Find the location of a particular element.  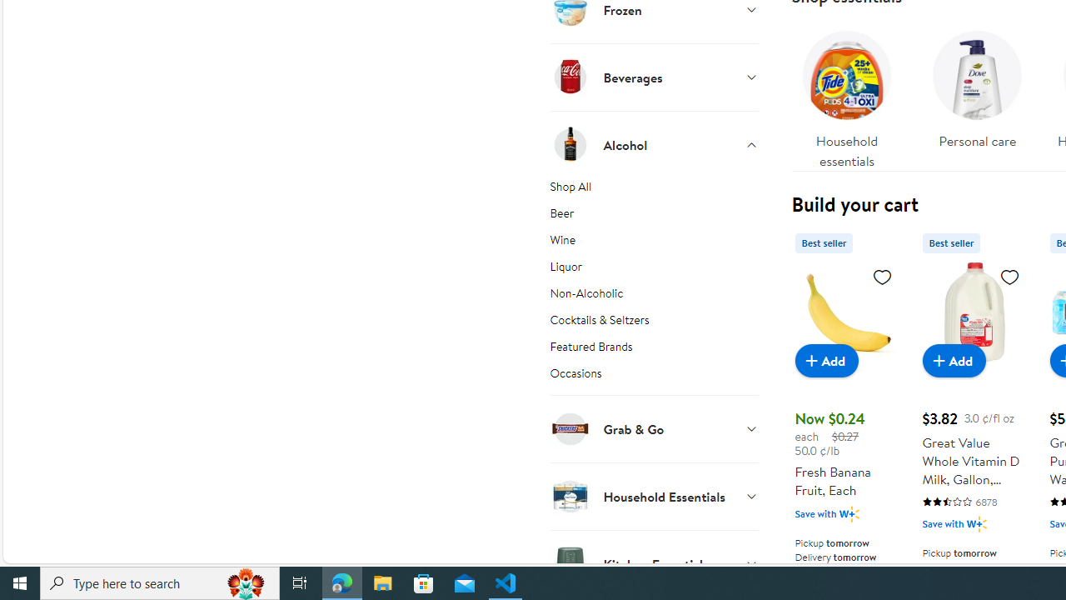

'Non-Alcoholic' is located at coordinates (653, 296).